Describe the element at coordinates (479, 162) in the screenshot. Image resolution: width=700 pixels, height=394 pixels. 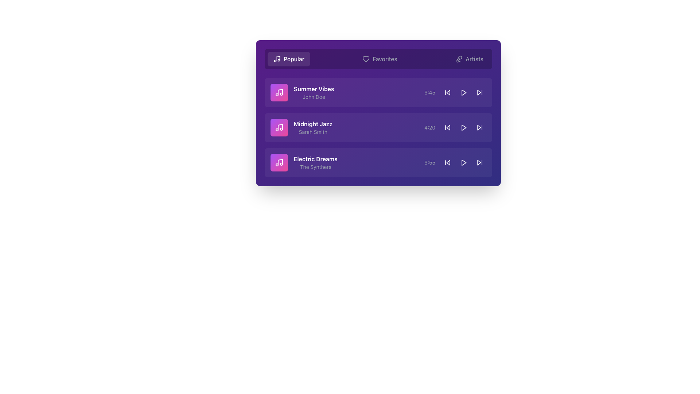
I see `the circular 'skip forward' button with a minimalist icon located in the third row of the music playlist interface` at that location.